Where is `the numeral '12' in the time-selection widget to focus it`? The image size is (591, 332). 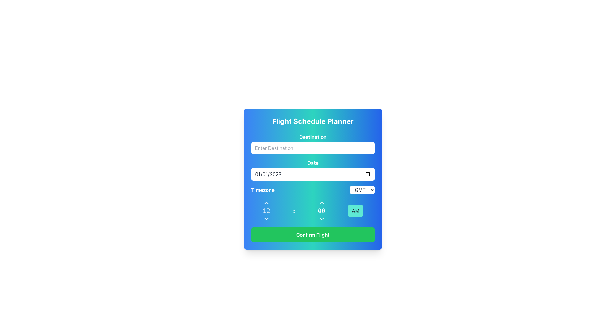
the numeral '12' in the time-selection widget to focus it is located at coordinates (266, 211).